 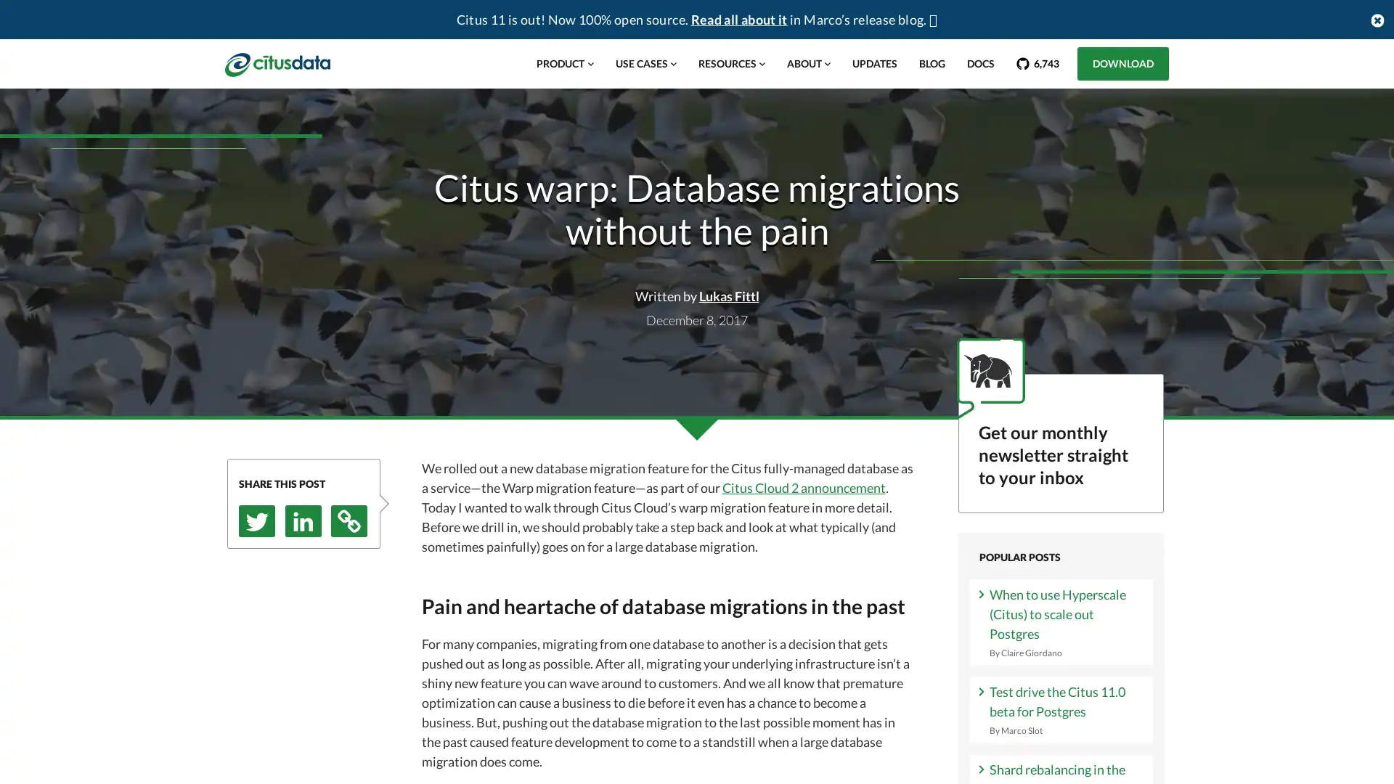 What do you see at coordinates (563, 63) in the screenshot?
I see `PRODUCT` at bounding box center [563, 63].